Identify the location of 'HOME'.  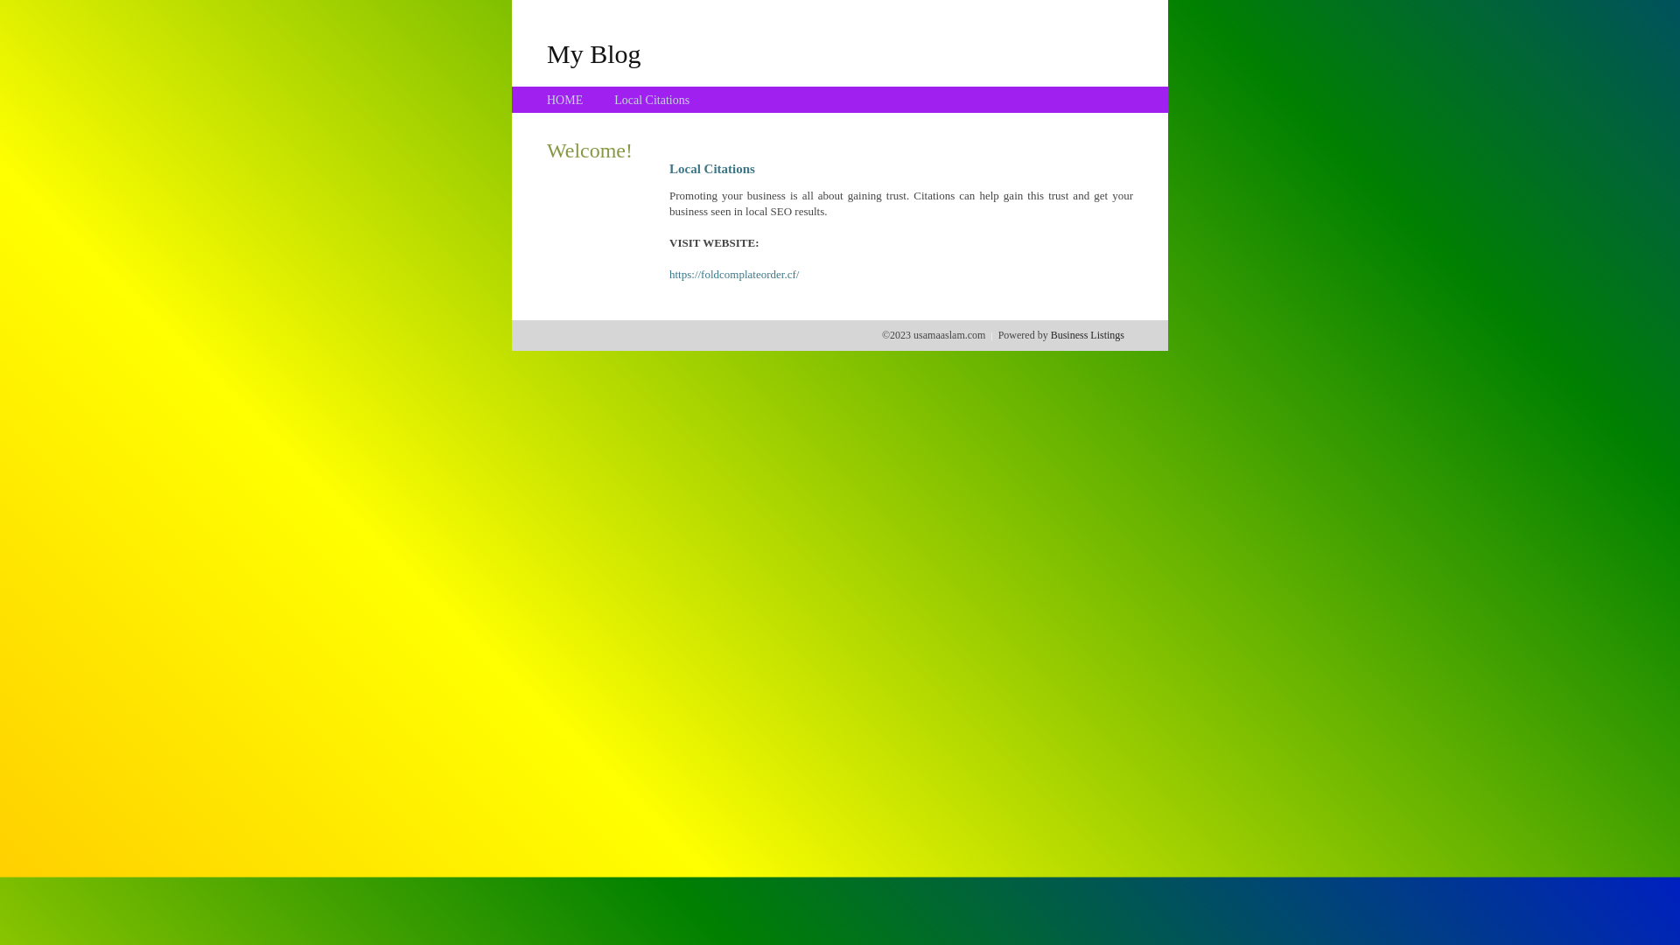
(564, 100).